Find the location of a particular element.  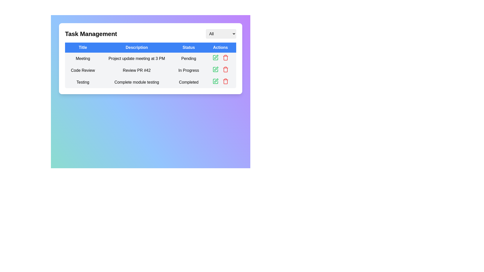

the table cell displaying 'Code Review' in bold font under the 'Title' column is located at coordinates (83, 70).